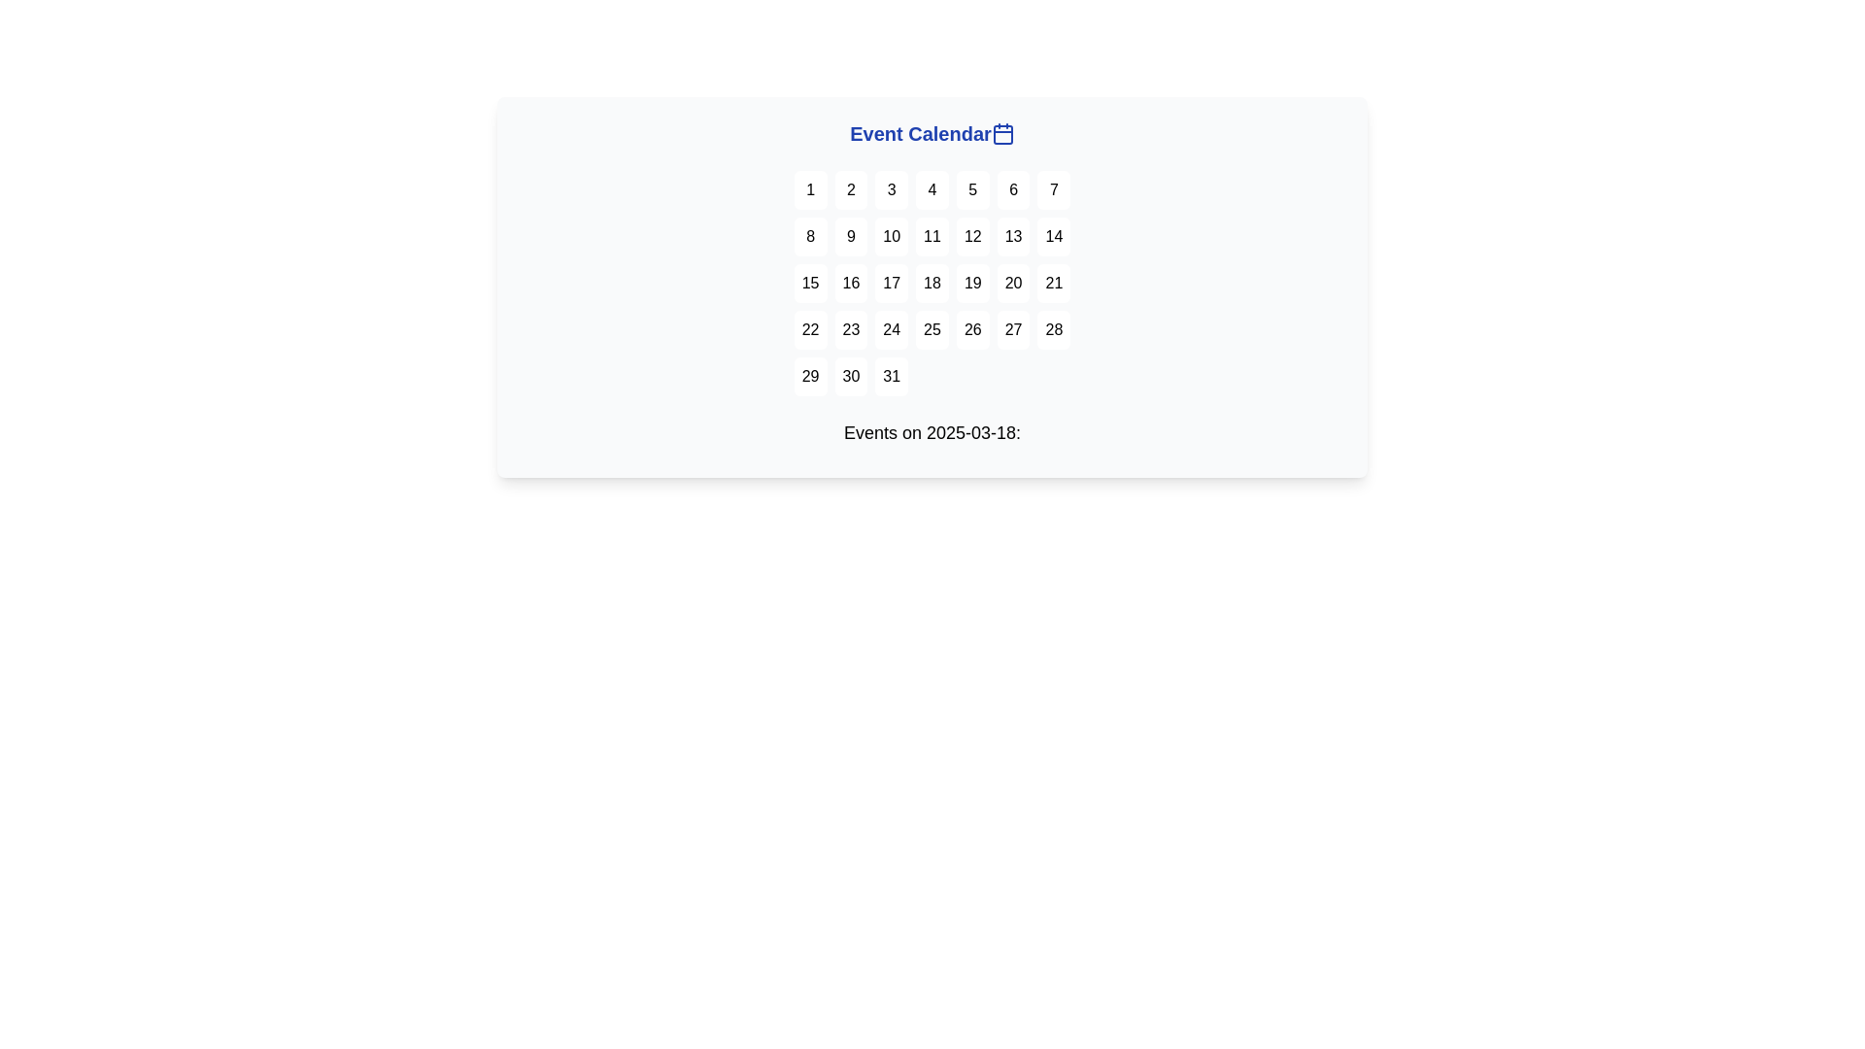  Describe the element at coordinates (1012, 235) in the screenshot. I see `the interactive button that allows users` at that location.